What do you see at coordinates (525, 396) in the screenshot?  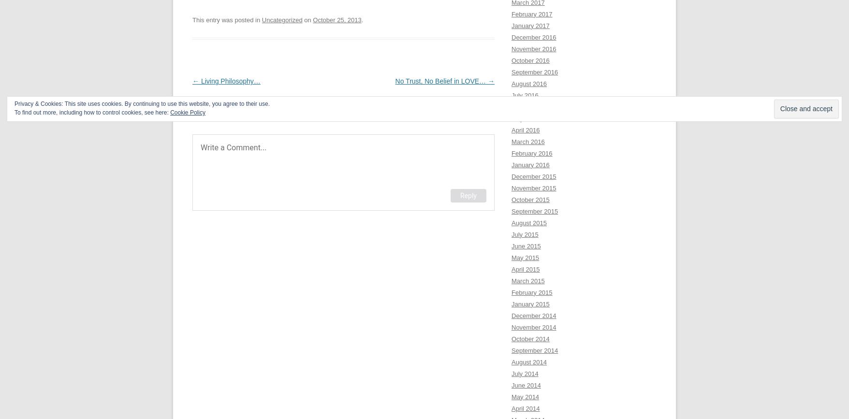 I see `'May 2014'` at bounding box center [525, 396].